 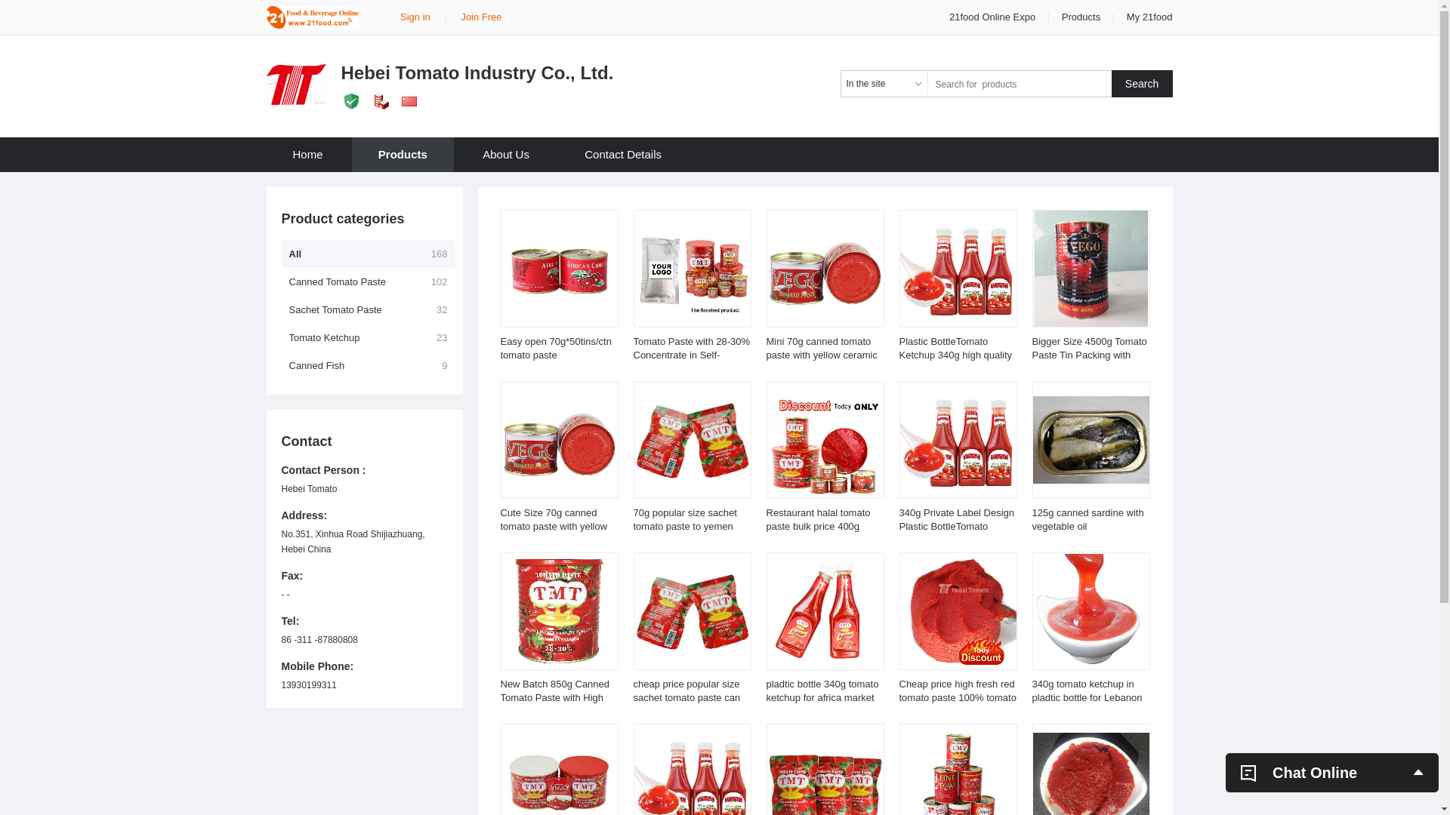 What do you see at coordinates (307, 154) in the screenshot?
I see `'Home'` at bounding box center [307, 154].